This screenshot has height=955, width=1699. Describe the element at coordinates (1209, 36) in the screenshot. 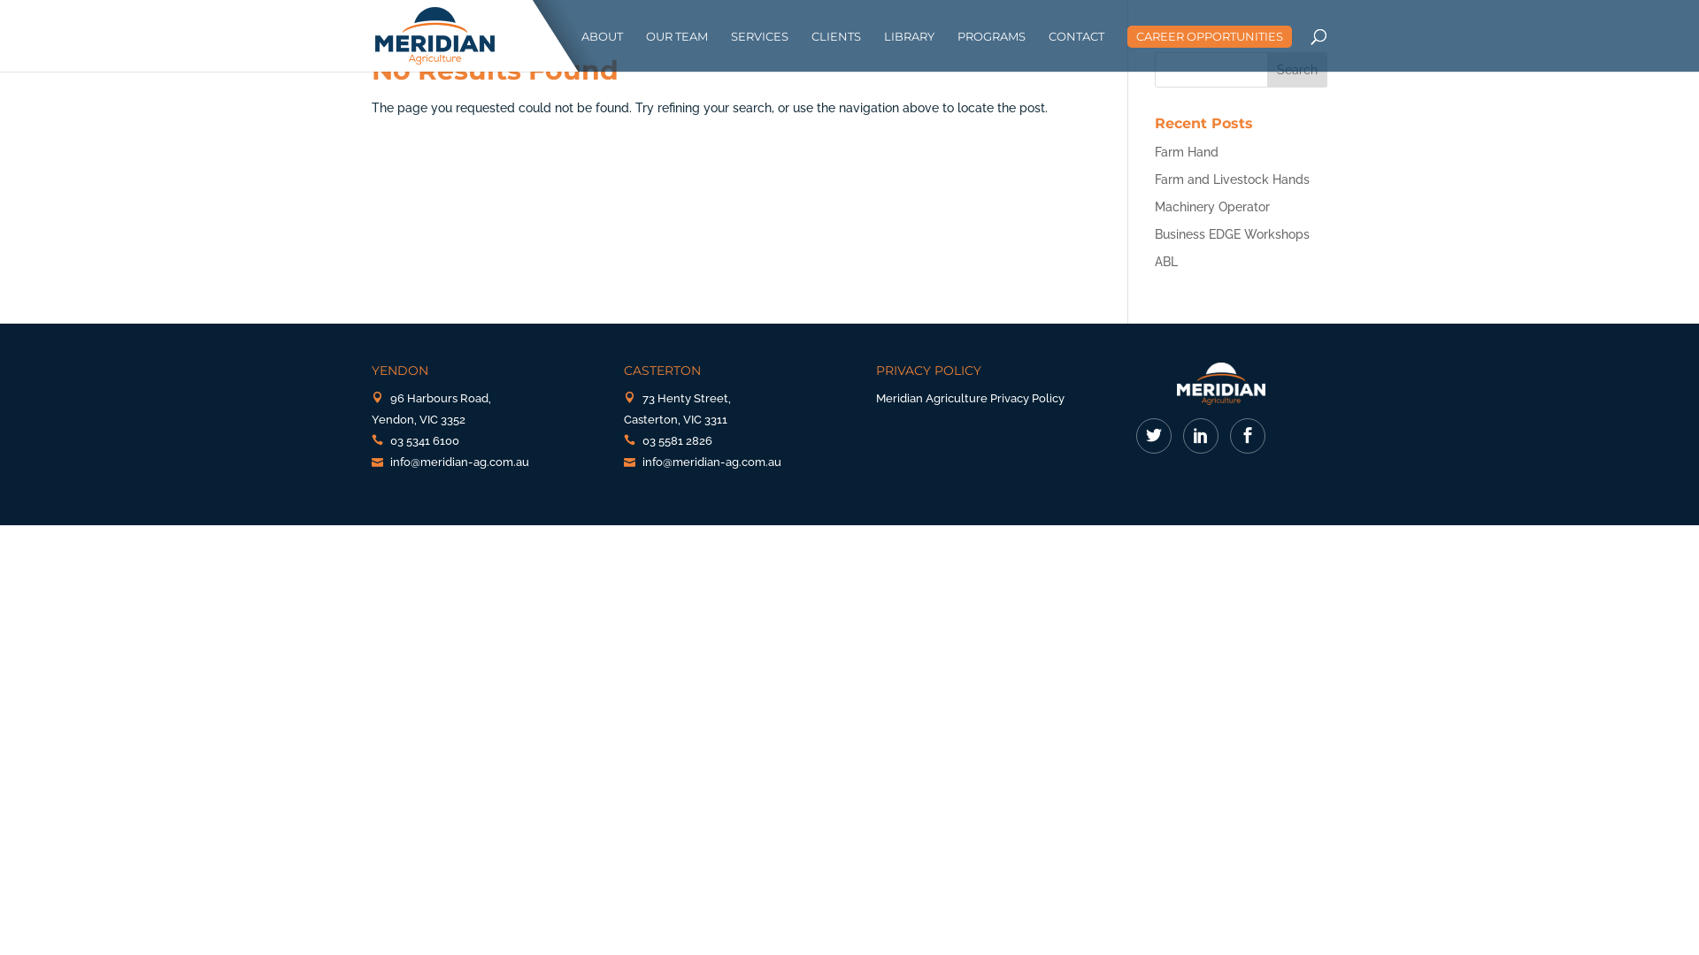

I see `'CAREER OPPORTUNITIES'` at that location.